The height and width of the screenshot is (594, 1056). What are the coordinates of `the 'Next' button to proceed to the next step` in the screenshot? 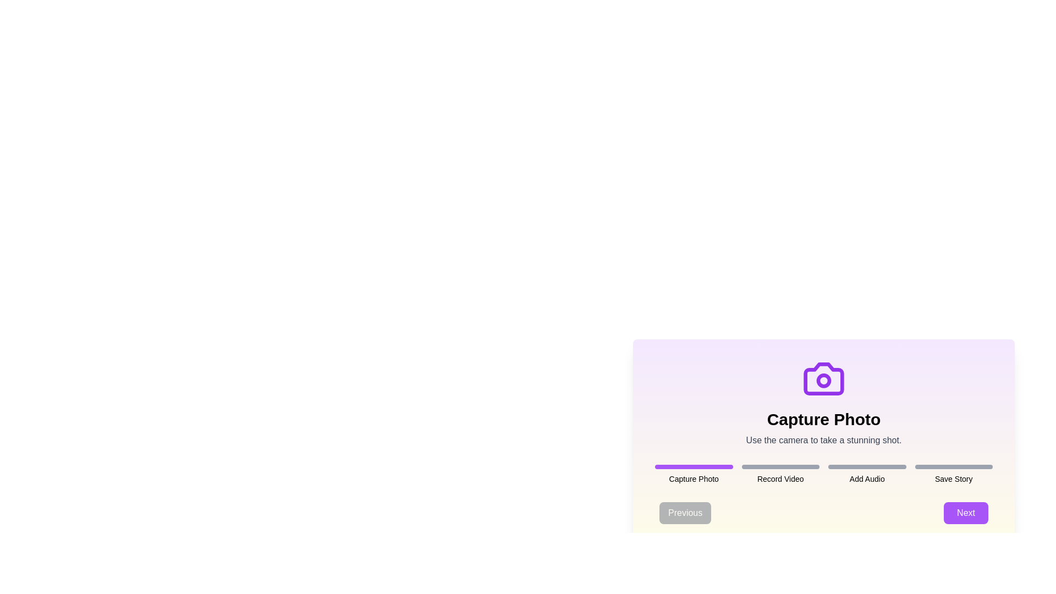 It's located at (965, 513).